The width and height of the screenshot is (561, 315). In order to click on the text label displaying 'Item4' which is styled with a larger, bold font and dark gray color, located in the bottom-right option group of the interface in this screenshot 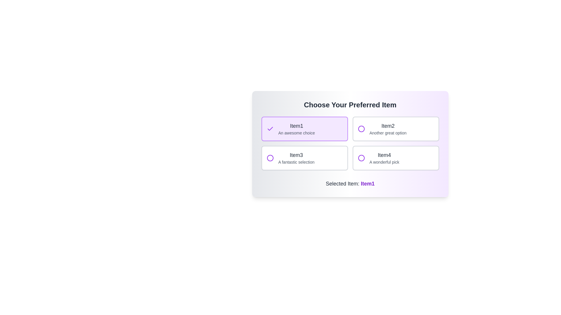, I will do `click(384, 155)`.